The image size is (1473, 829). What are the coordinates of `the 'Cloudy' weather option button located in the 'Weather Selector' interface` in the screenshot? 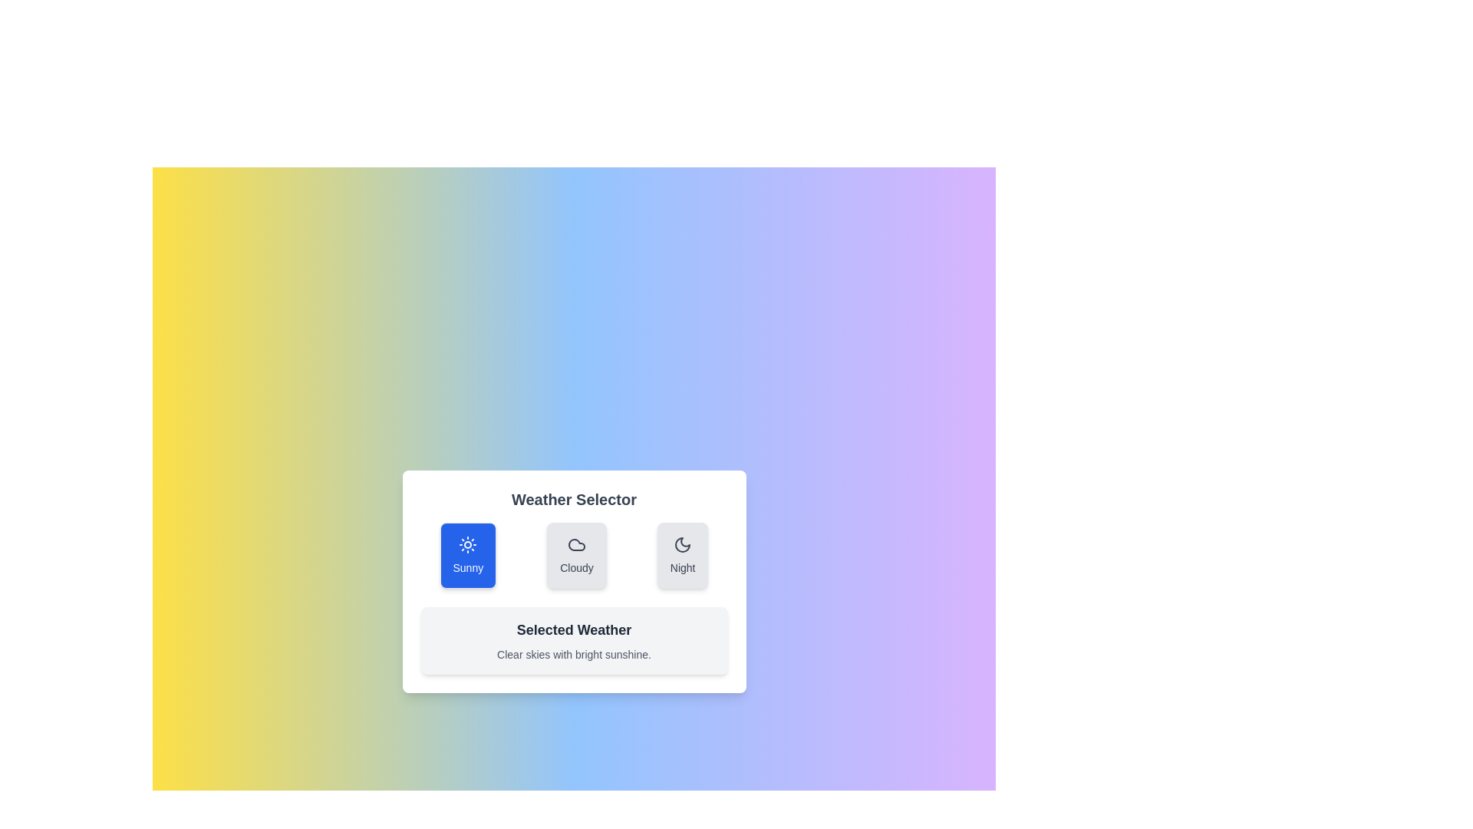 It's located at (576, 556).